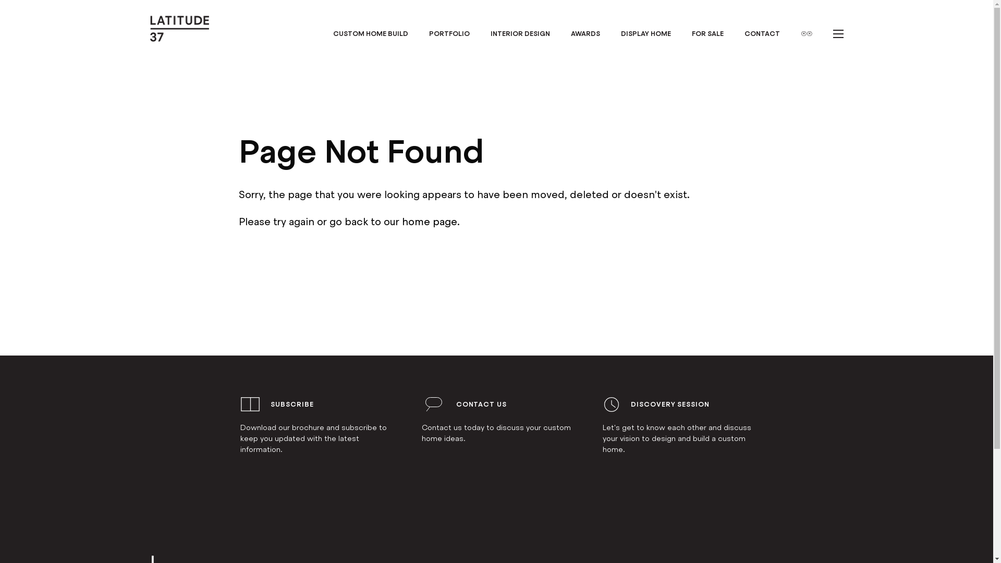  Describe the element at coordinates (370, 33) in the screenshot. I see `'CUSTOM HOME BUILD'` at that location.